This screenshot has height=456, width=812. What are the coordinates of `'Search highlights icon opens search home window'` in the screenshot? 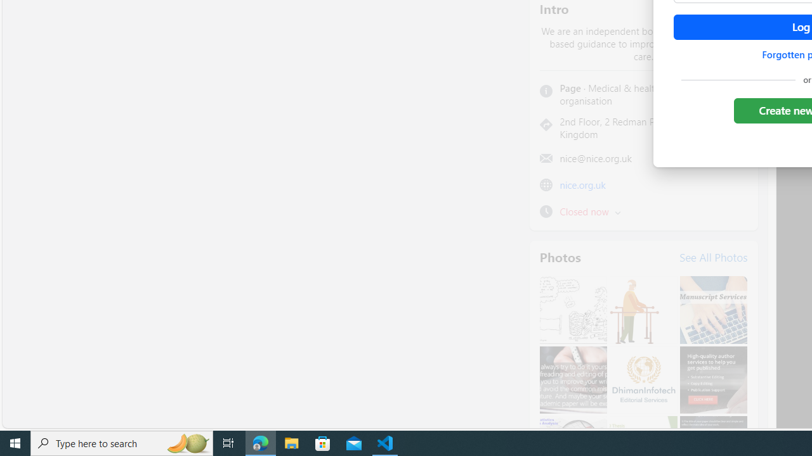 It's located at (187, 442).